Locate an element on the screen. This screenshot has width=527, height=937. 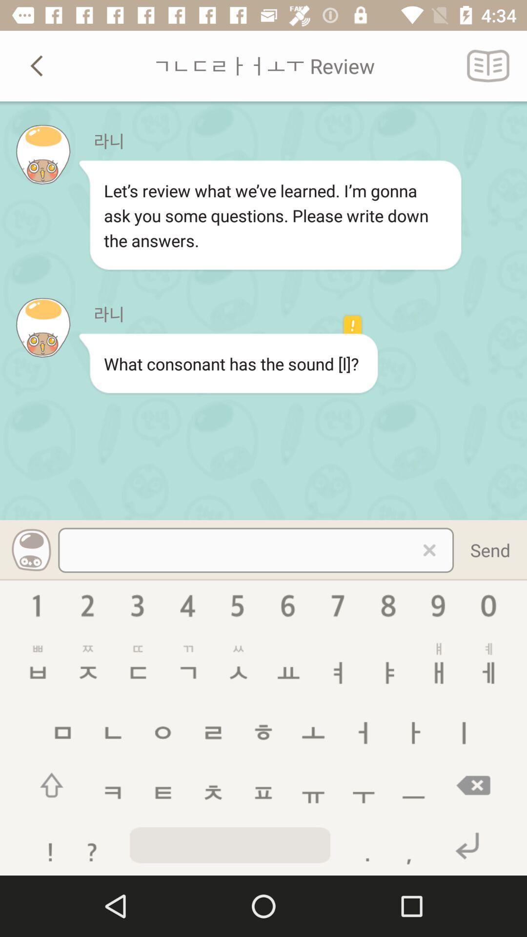
the undo icon is located at coordinates (466, 845).